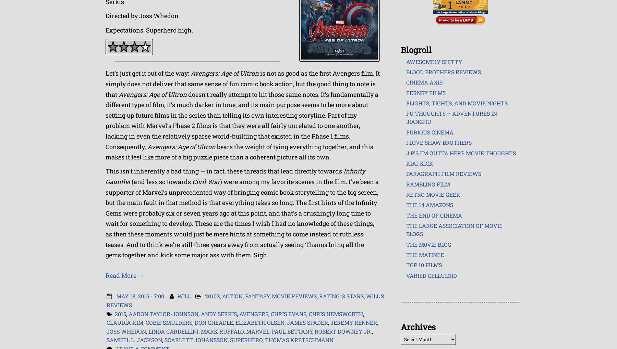  Describe the element at coordinates (434, 61) in the screenshot. I see `'Awesomely Shitty'` at that location.